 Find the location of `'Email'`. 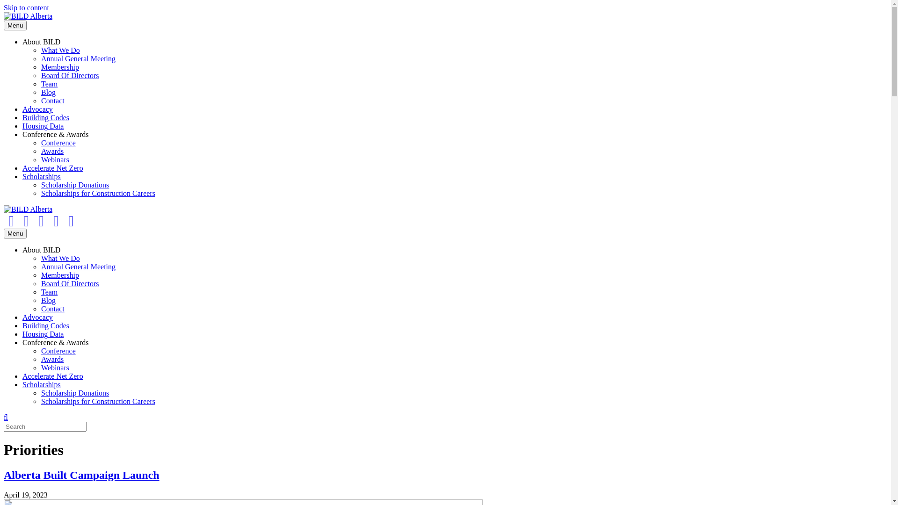

'Email' is located at coordinates (71, 221).